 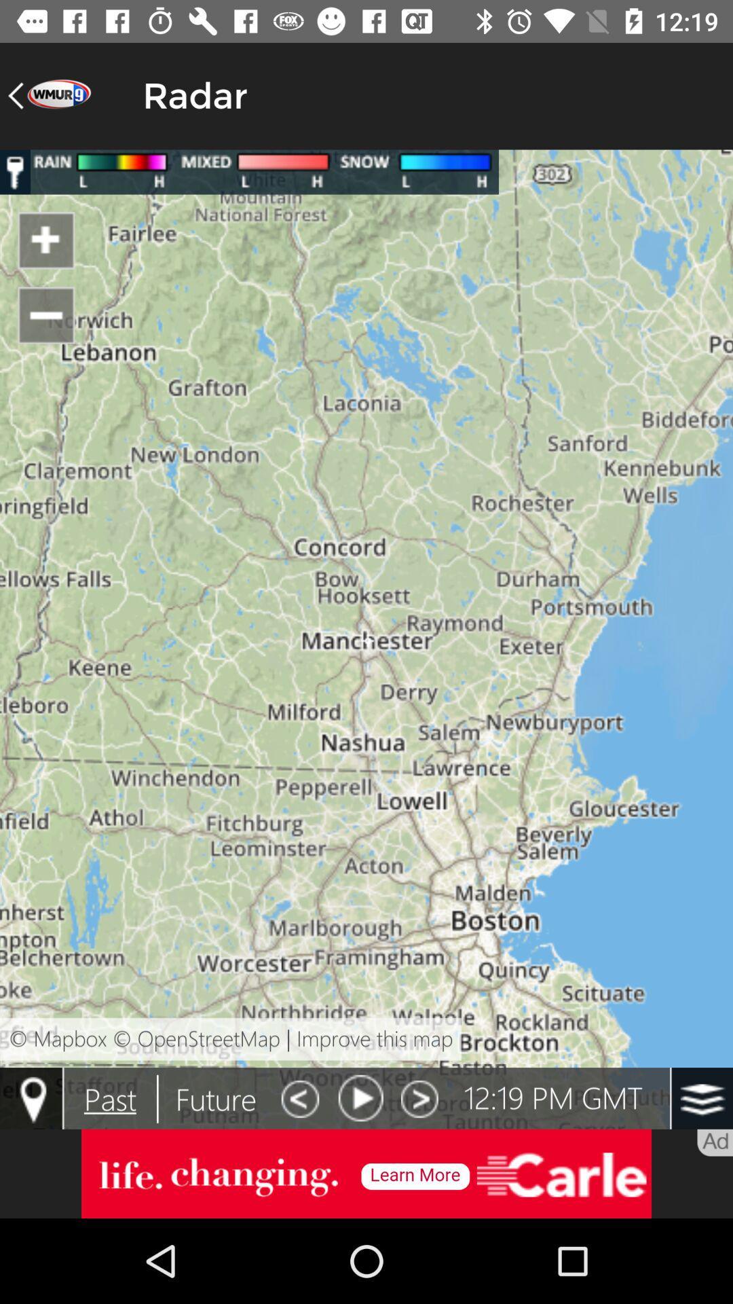 I want to click on the button is used to advertisement option, so click(x=366, y=1173).